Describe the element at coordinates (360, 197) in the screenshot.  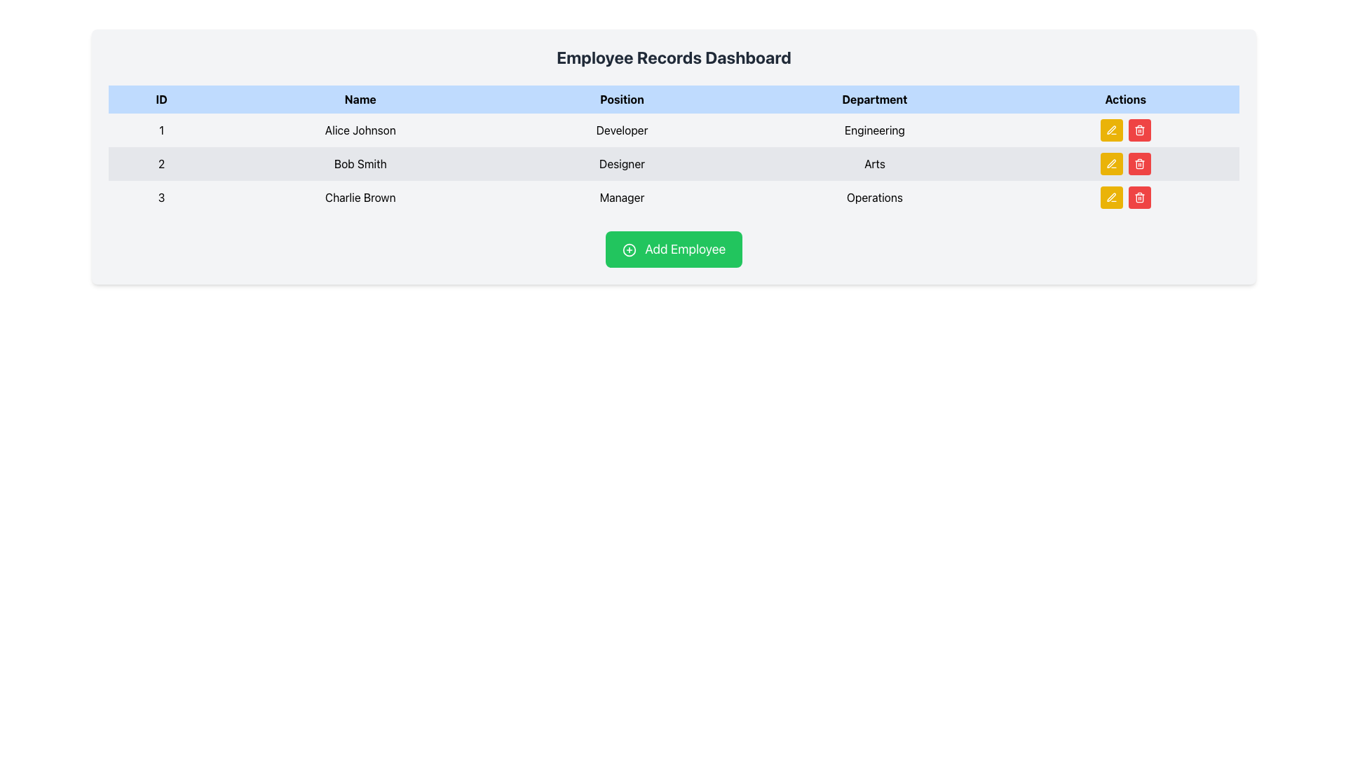
I see `on the table cell containing the name 'Charlie Brown' located in the second column of the middle row` at that location.